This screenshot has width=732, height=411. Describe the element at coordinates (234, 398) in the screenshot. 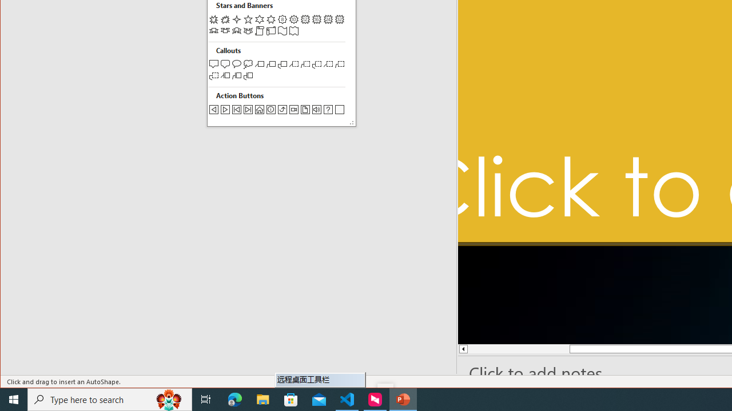

I see `'Microsoft Edge'` at that location.